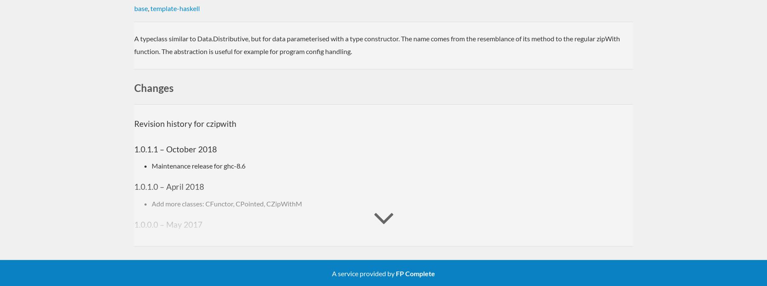 Image resolution: width=767 pixels, height=286 pixels. Describe the element at coordinates (198, 166) in the screenshot. I see `'Maintenance release for ghc-8.6'` at that location.